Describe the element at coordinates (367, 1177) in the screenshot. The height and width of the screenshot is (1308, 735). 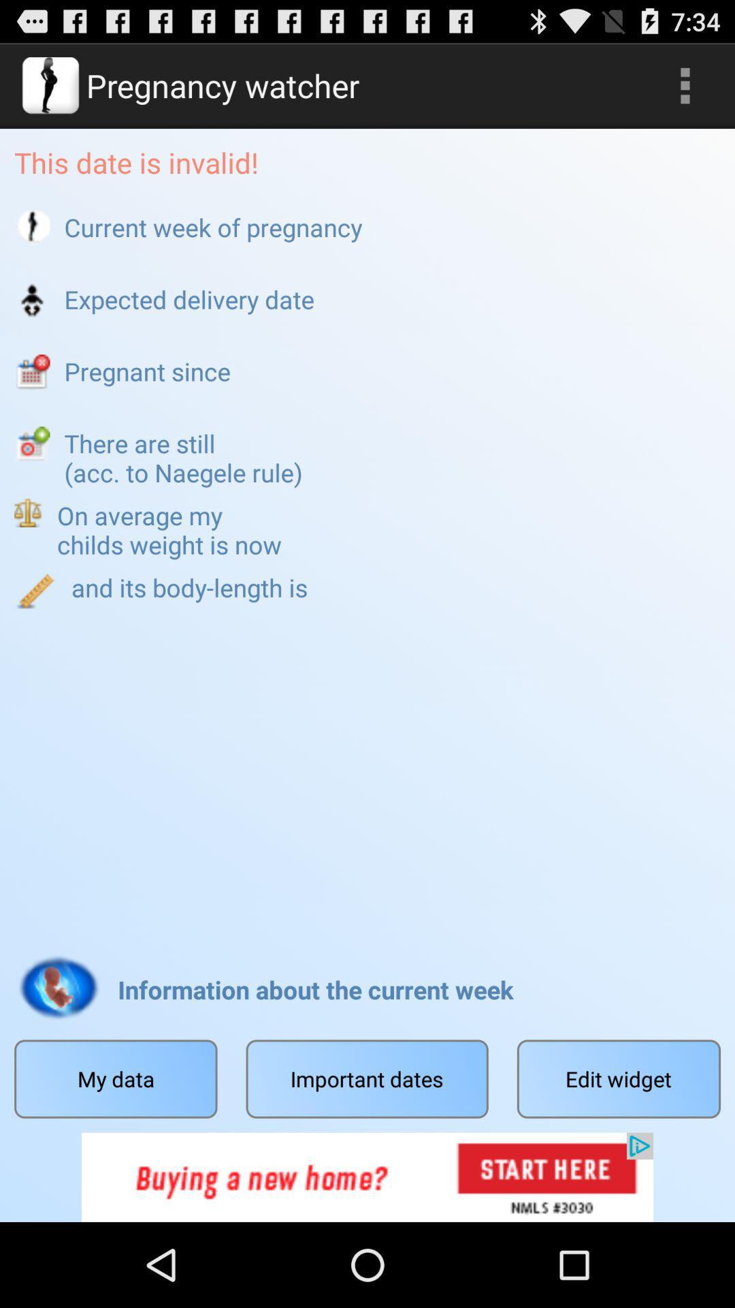
I see `advertisement page` at that location.